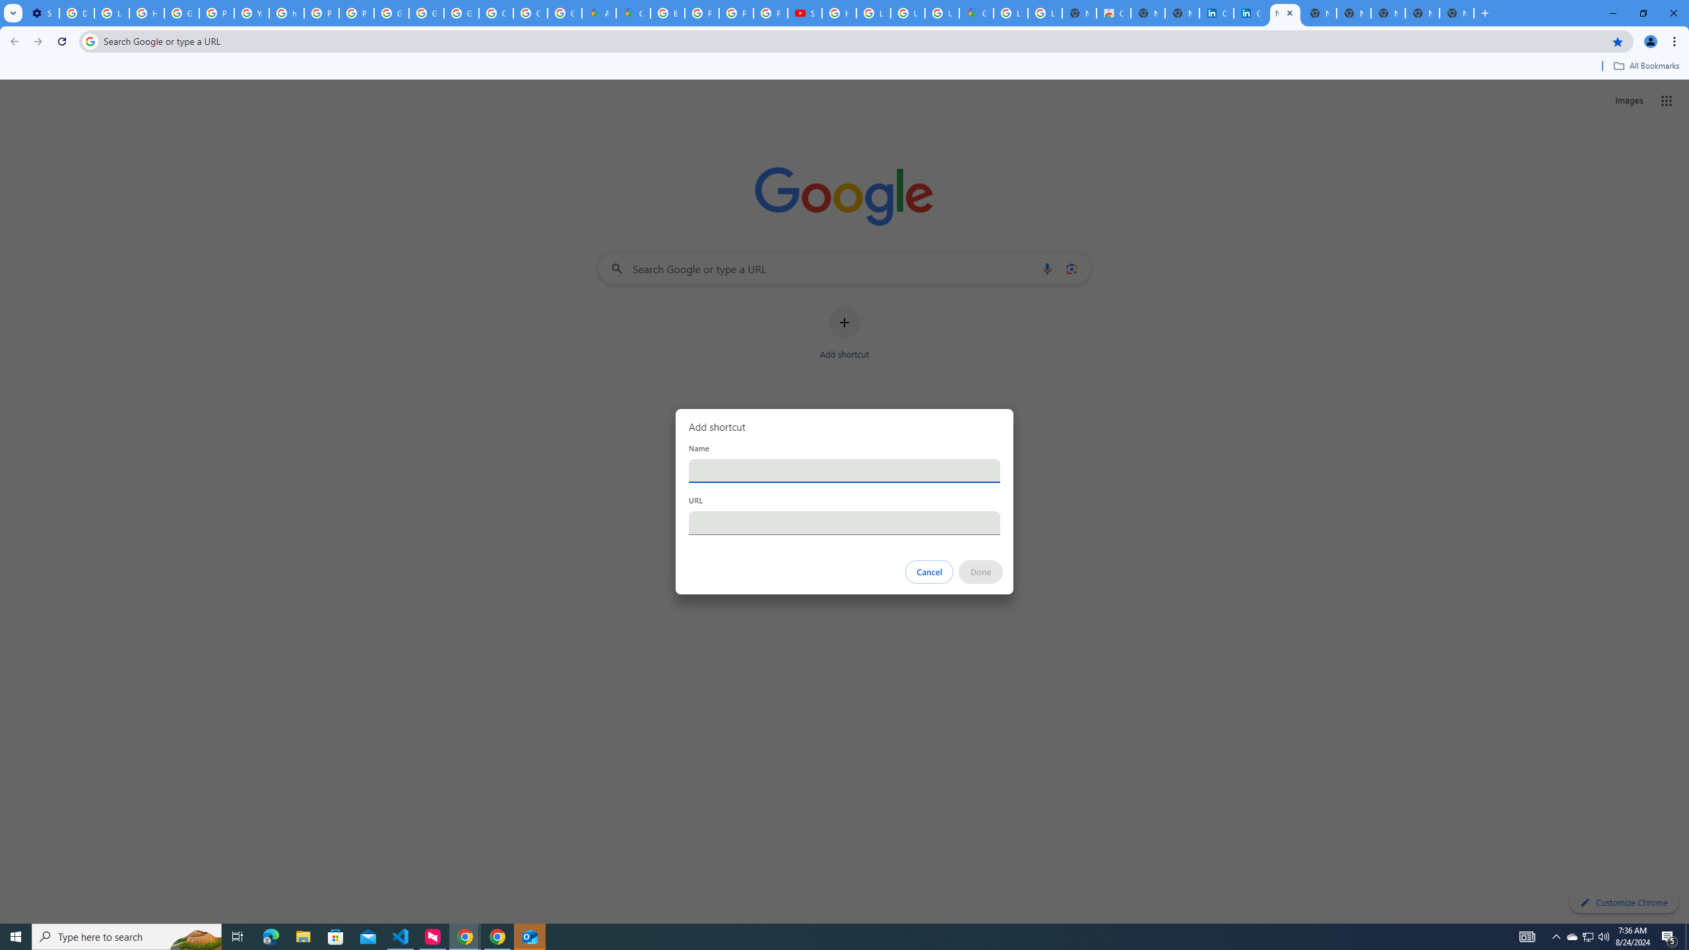 This screenshot has width=1689, height=950. I want to click on 'Blogger Policies and Guidelines - Transparency Center', so click(667, 13).